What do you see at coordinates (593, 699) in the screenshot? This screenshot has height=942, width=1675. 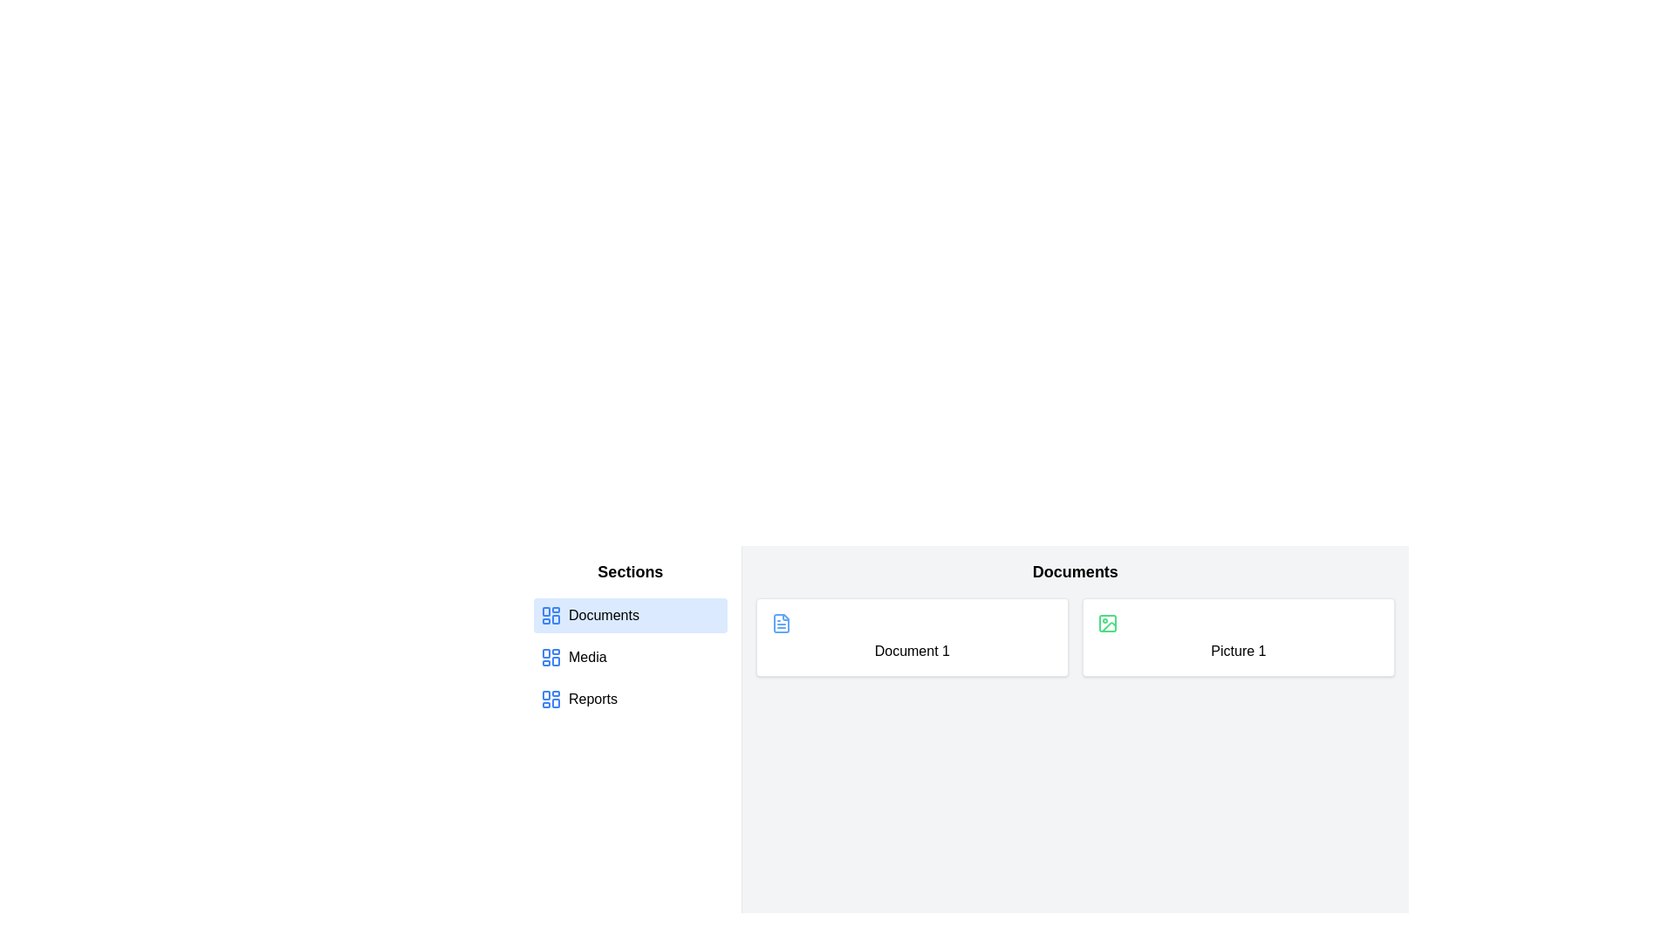 I see `the 'Reports' text label, which is the third navigation item in the vertical menu on the left side of the interface` at bounding box center [593, 699].